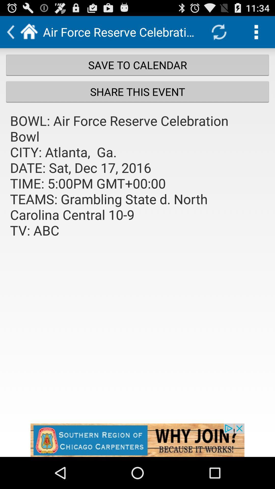 This screenshot has width=275, height=489. What do you see at coordinates (137, 440) in the screenshot?
I see `space where you access advertising` at bounding box center [137, 440].